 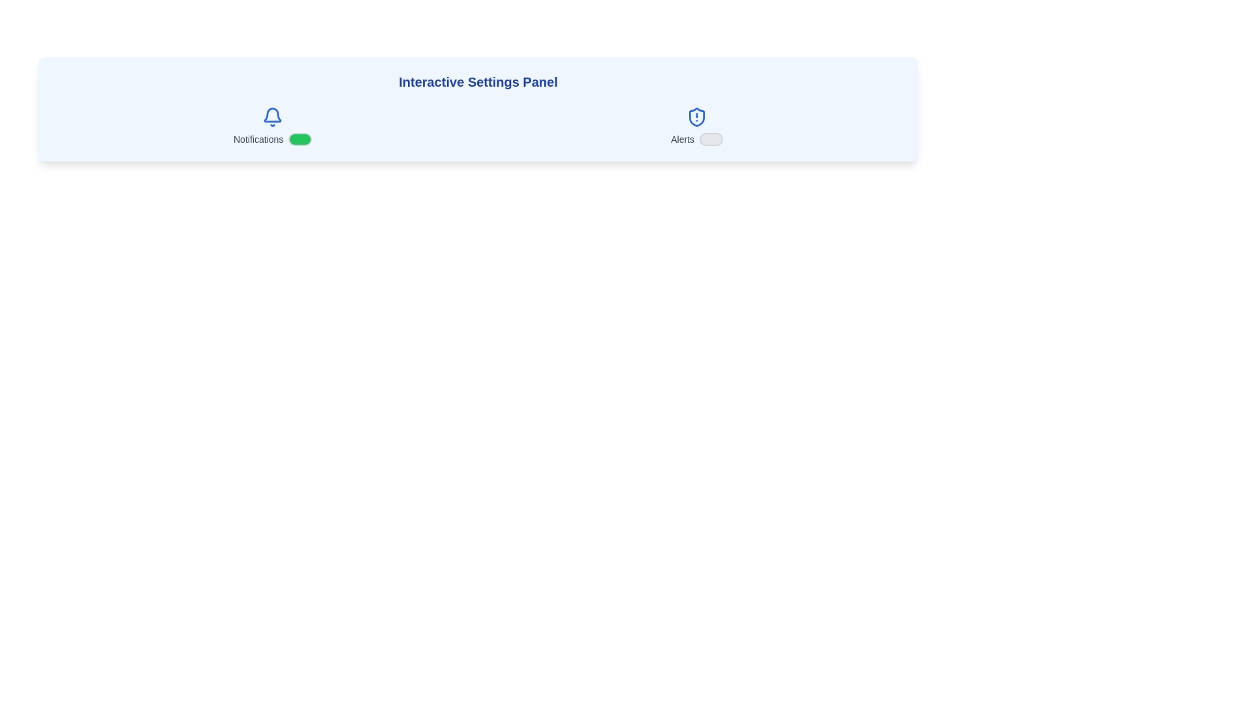 What do you see at coordinates (271, 117) in the screenshot?
I see `the bell icon to toggle notifications` at bounding box center [271, 117].